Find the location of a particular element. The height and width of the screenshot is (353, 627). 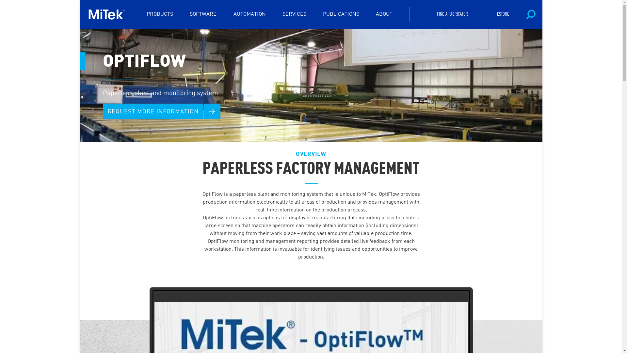

'SOFTWARE' is located at coordinates (203, 14).